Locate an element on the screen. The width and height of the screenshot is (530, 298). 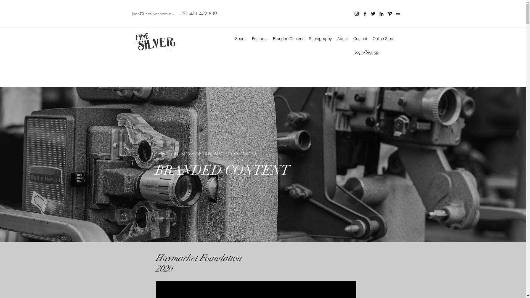
'Contact' is located at coordinates (360, 38).